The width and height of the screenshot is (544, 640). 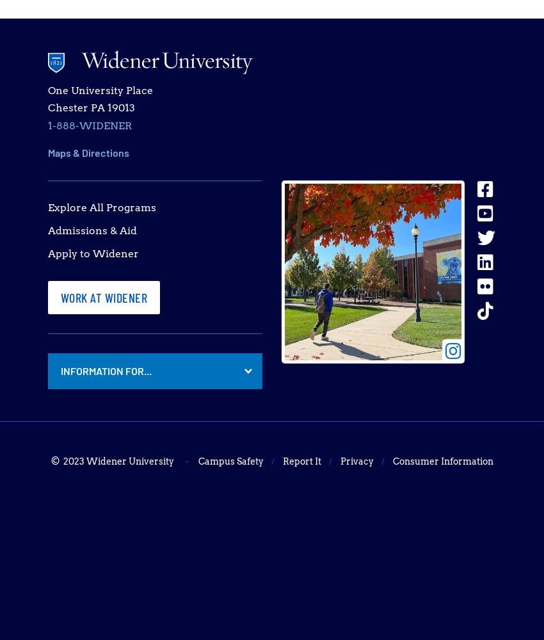 I want to click on 'Admissions & Aid', so click(x=92, y=230).